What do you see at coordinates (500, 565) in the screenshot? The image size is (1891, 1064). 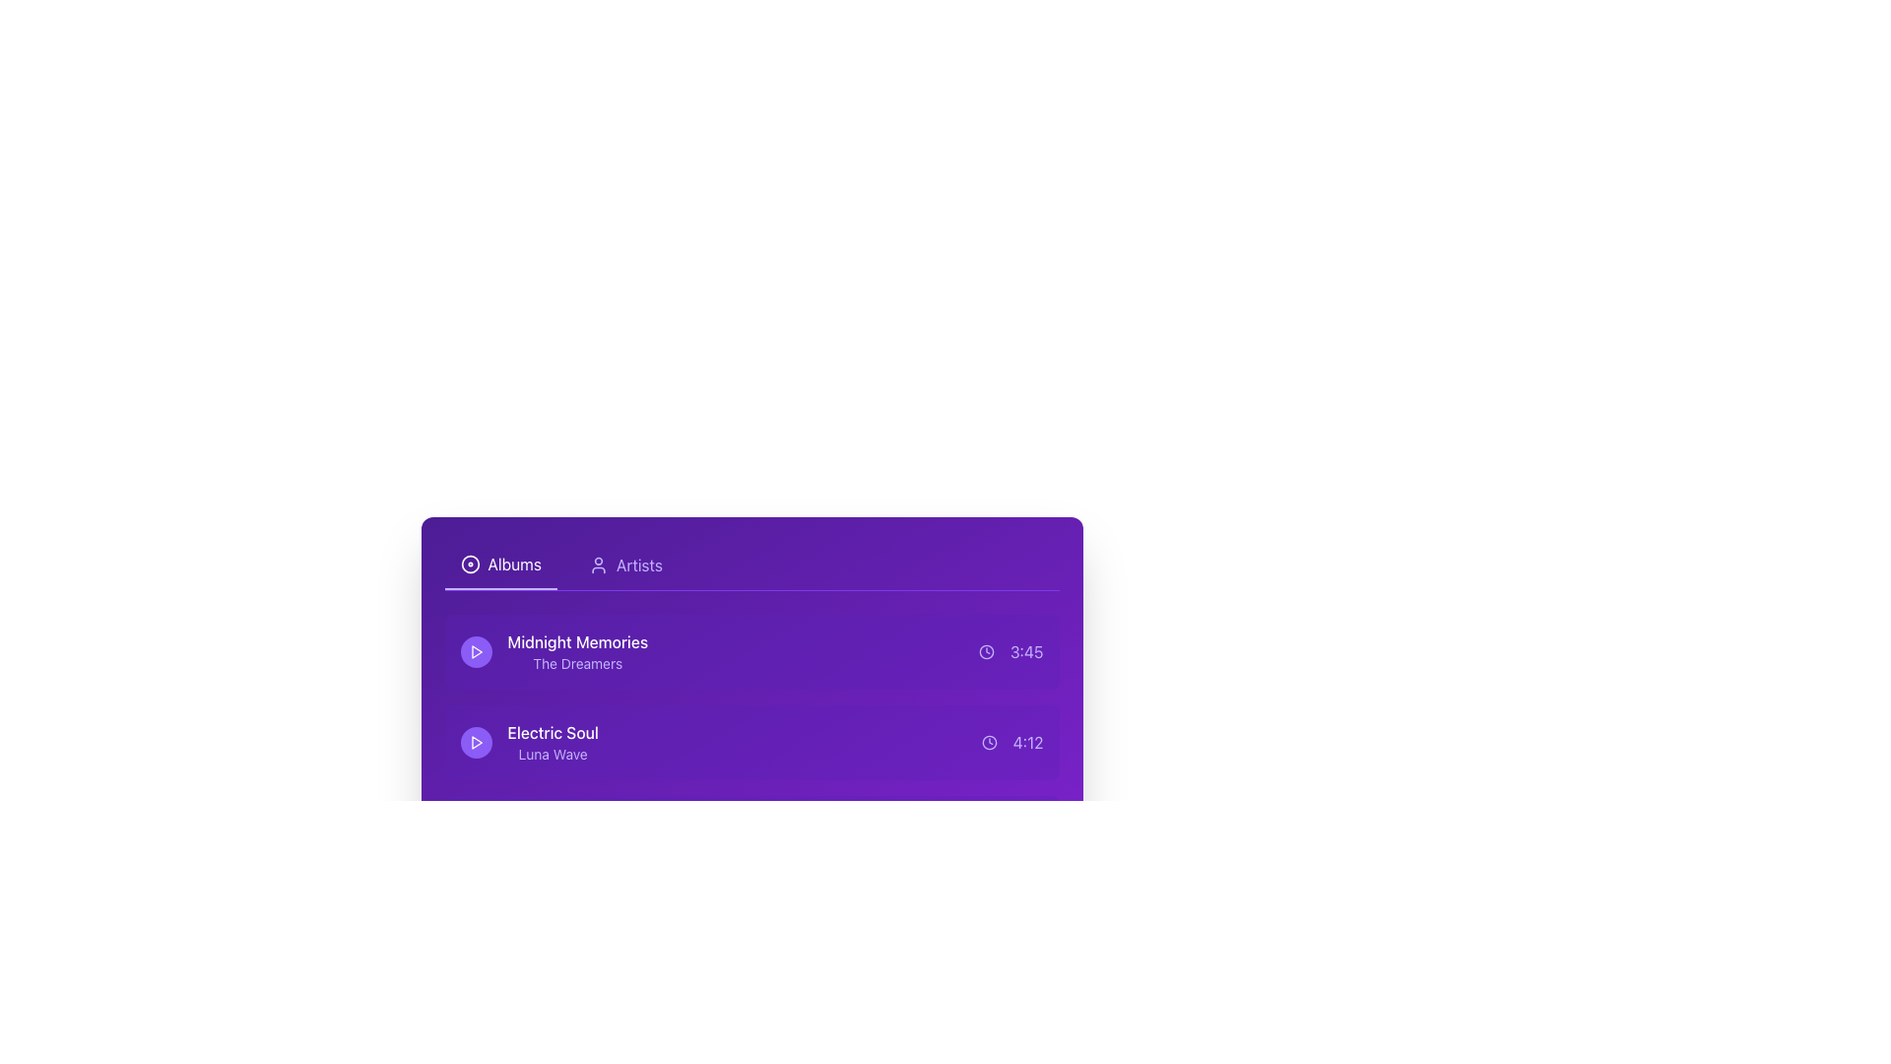 I see `the 'Albums' navigation button located in the top-left section of the interface, which is the first option in a horizontal list of navigation items` at bounding box center [500, 565].